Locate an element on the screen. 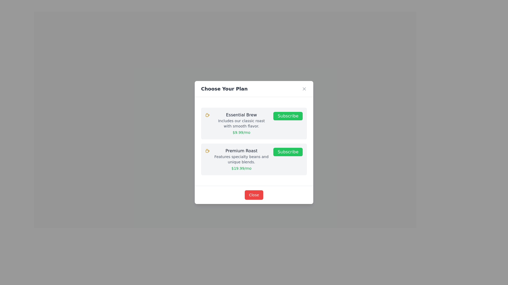  the descriptive text label for the 'Premium Roast' subscription option, located below the bold text and above the price '$19.99/mo' is located at coordinates (241, 159).